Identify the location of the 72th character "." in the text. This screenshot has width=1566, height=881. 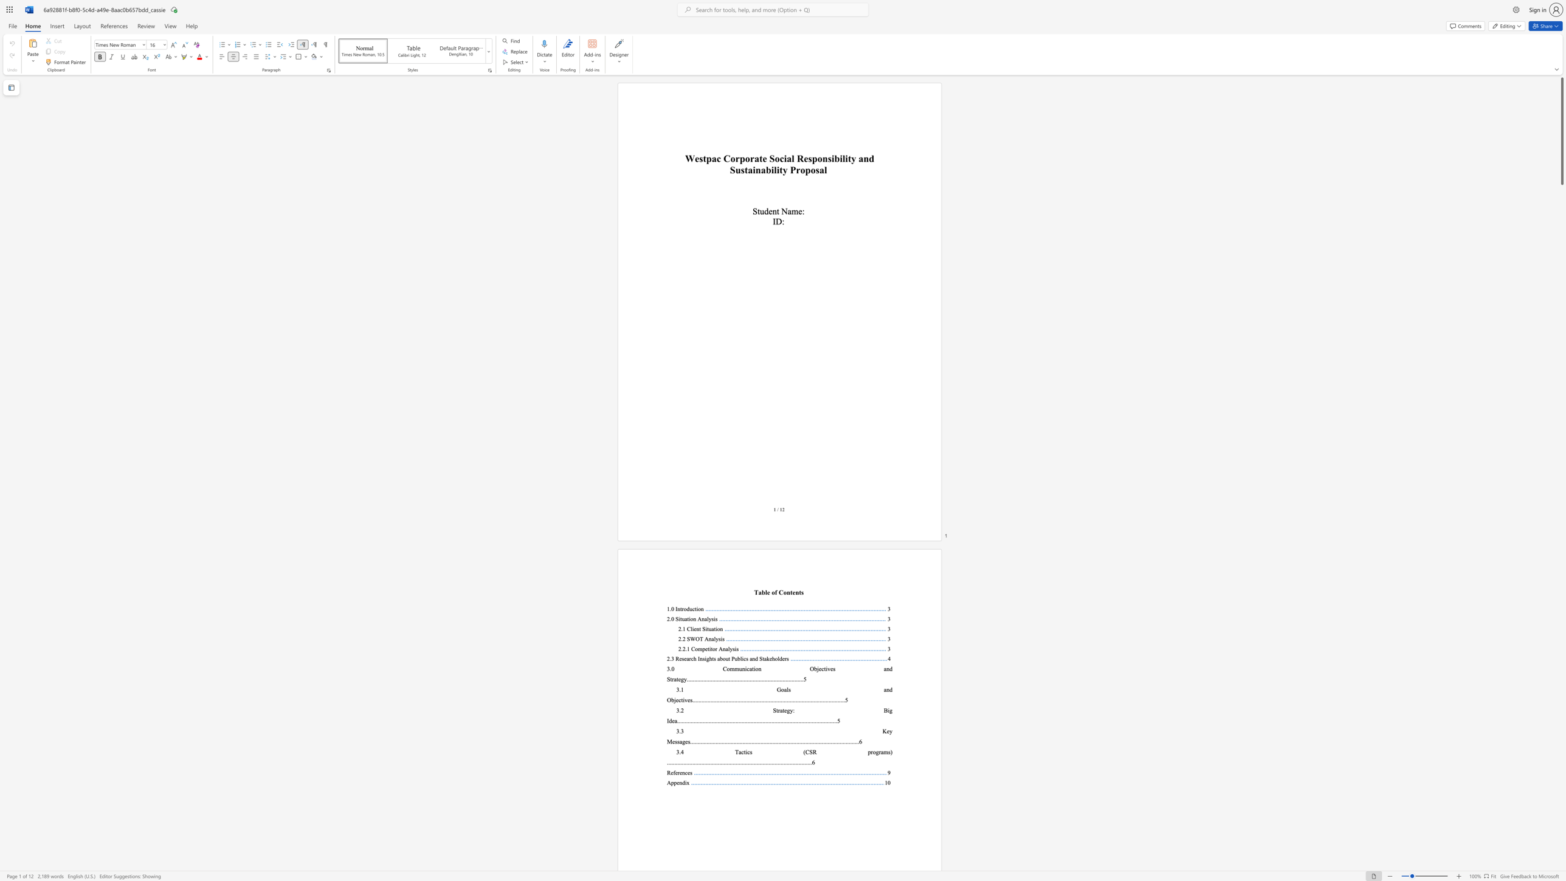
(773, 762).